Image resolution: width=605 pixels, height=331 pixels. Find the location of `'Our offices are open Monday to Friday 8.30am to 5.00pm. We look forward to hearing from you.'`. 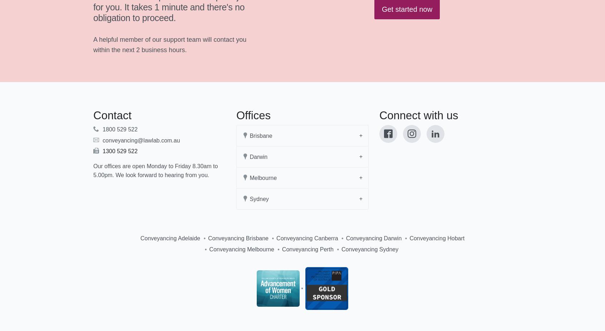

'Our offices are open Monday to Friday 8.30am to 5.00pm. We look forward to hearing from you.' is located at coordinates (155, 170).